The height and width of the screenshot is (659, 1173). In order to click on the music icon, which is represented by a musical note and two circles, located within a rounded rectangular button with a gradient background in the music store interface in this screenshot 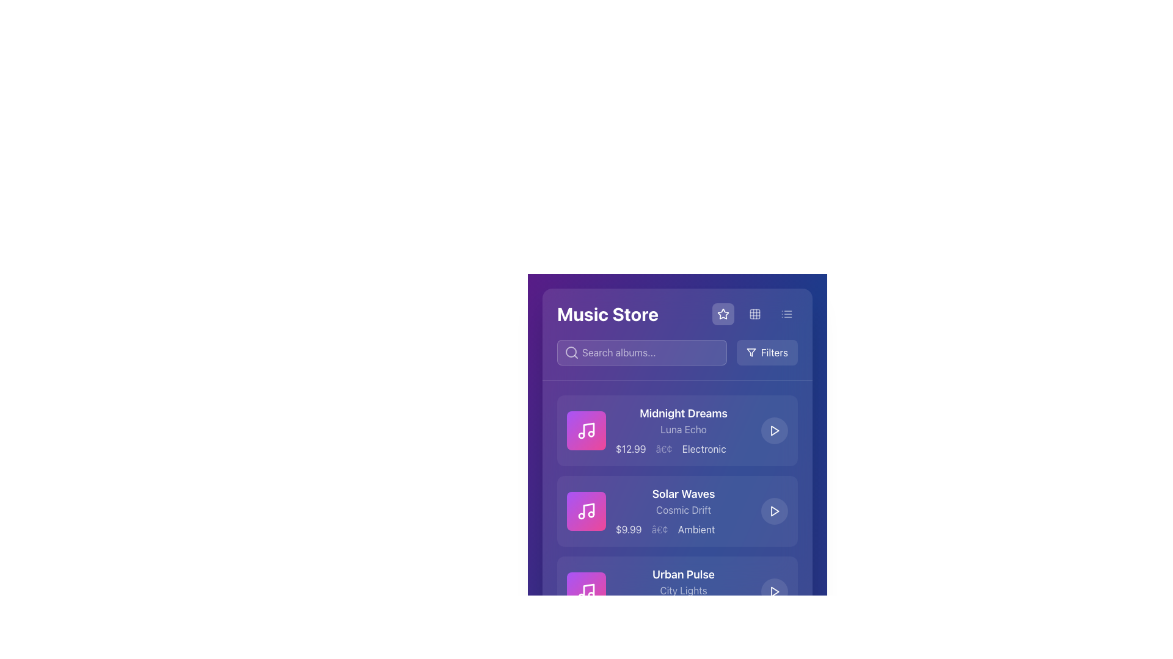, I will do `click(586, 511)`.